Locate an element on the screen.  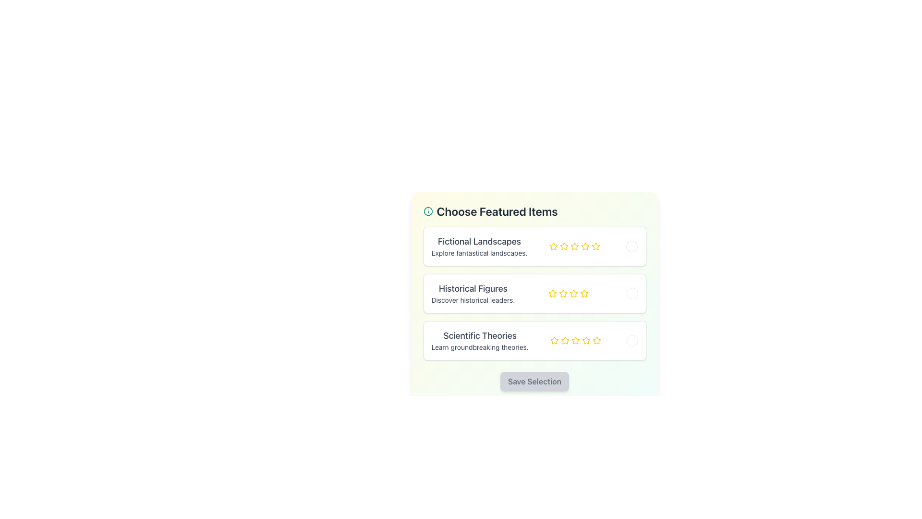
the fifth star icon in the rating section of the 'Scientific Theories' list item to visually represent a 5-star rating is located at coordinates (596, 340).